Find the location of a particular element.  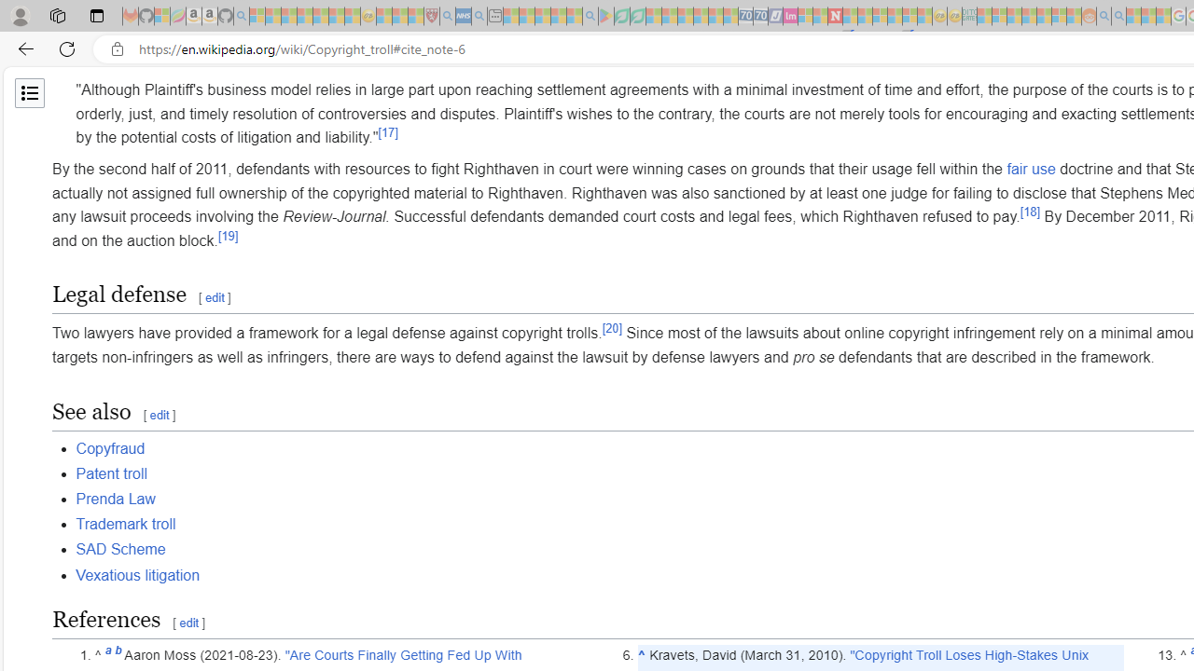

'Latest Politics News & Archive | Newsweek.com - Sleeping' is located at coordinates (834, 16).